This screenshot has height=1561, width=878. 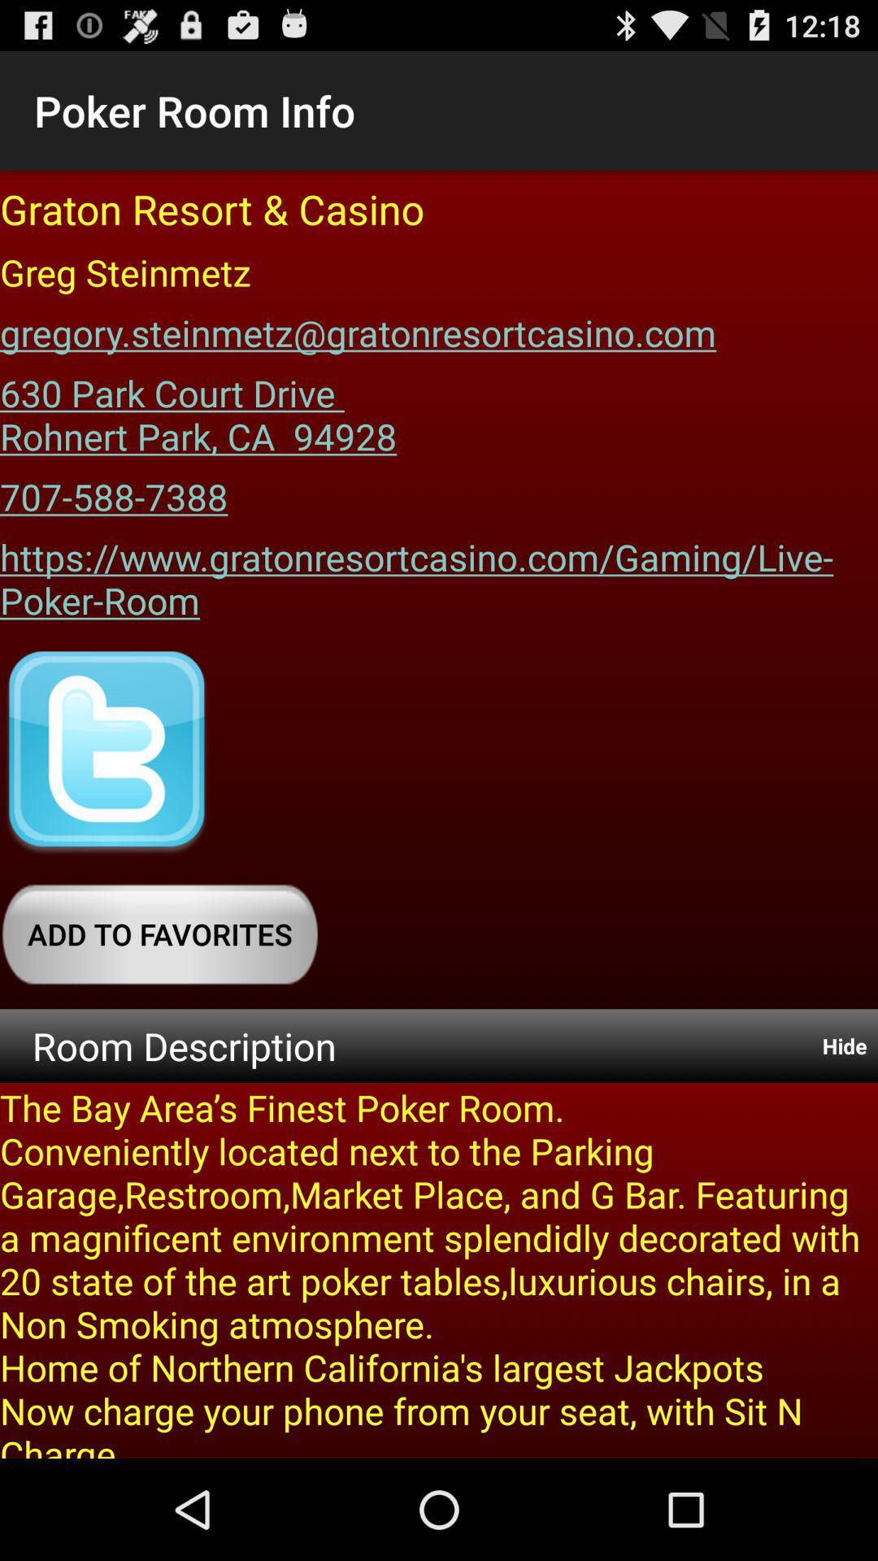 What do you see at coordinates (439, 573) in the screenshot?
I see `app below the 707-588-7388 icon` at bounding box center [439, 573].